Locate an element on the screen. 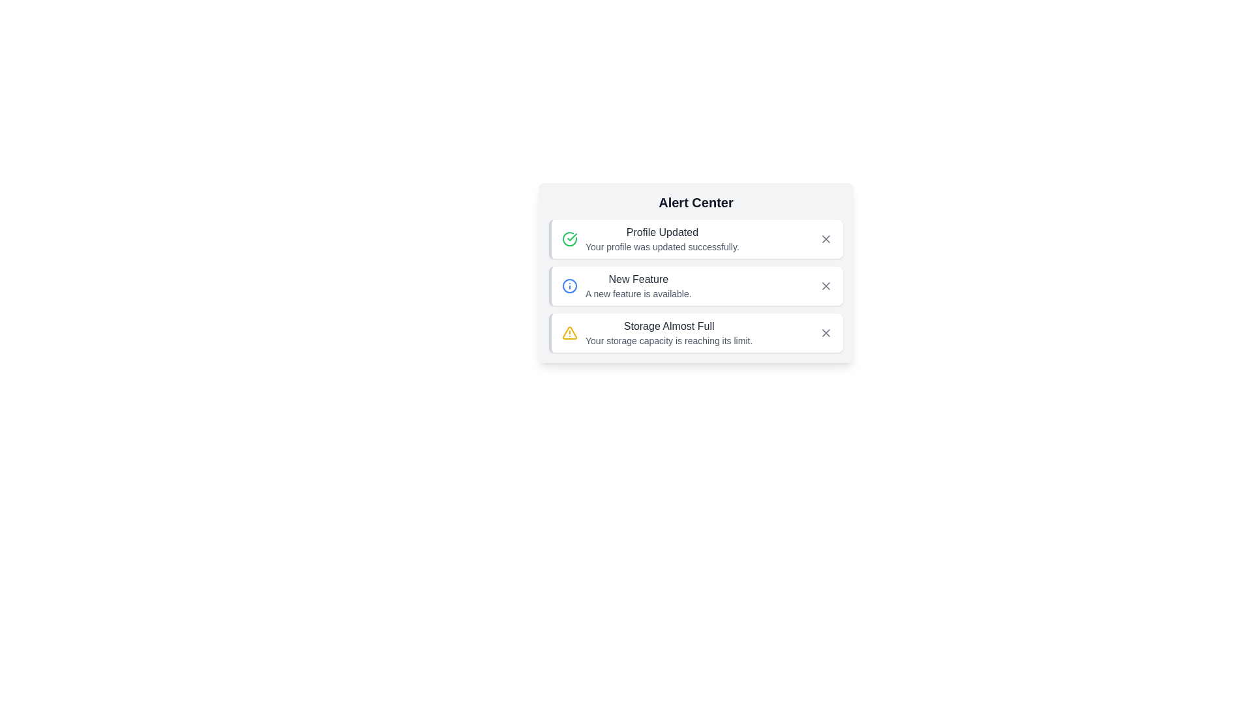  the close button (close icon) located at the top right of the 'New Feature' notification in the 'Alert Center' modal is located at coordinates (826, 286).